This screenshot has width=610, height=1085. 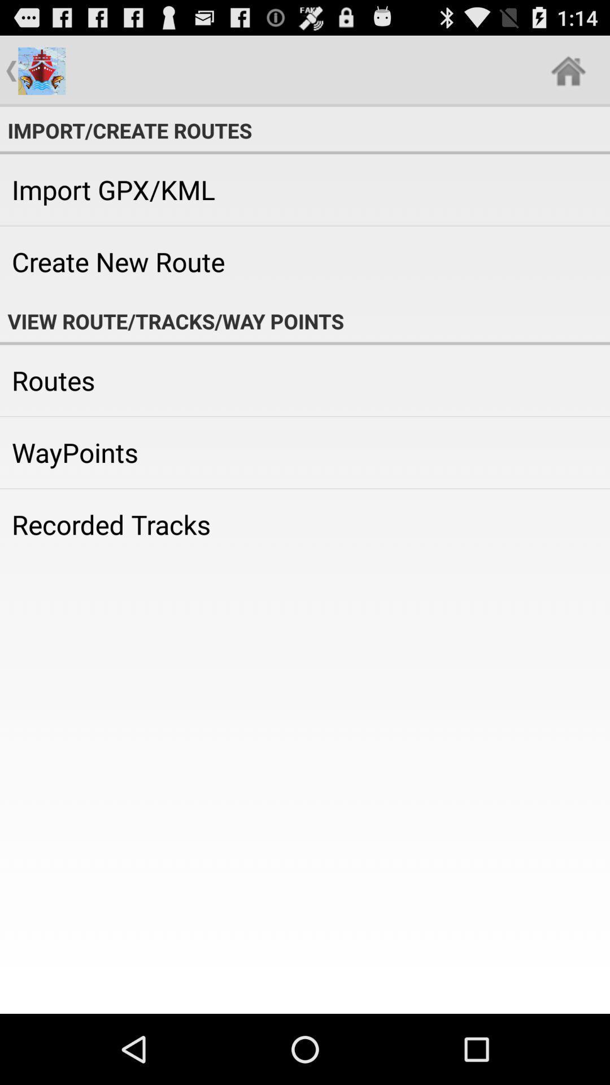 I want to click on the item above the view route tracks icon, so click(x=305, y=261).